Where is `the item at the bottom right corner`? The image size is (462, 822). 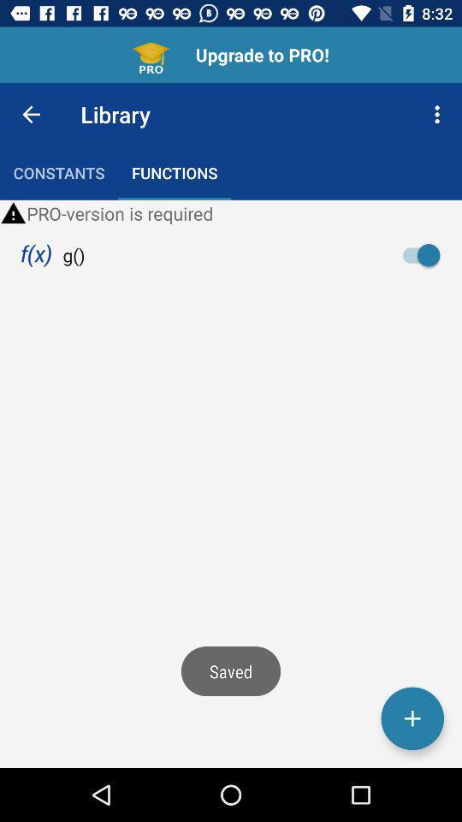 the item at the bottom right corner is located at coordinates (412, 718).